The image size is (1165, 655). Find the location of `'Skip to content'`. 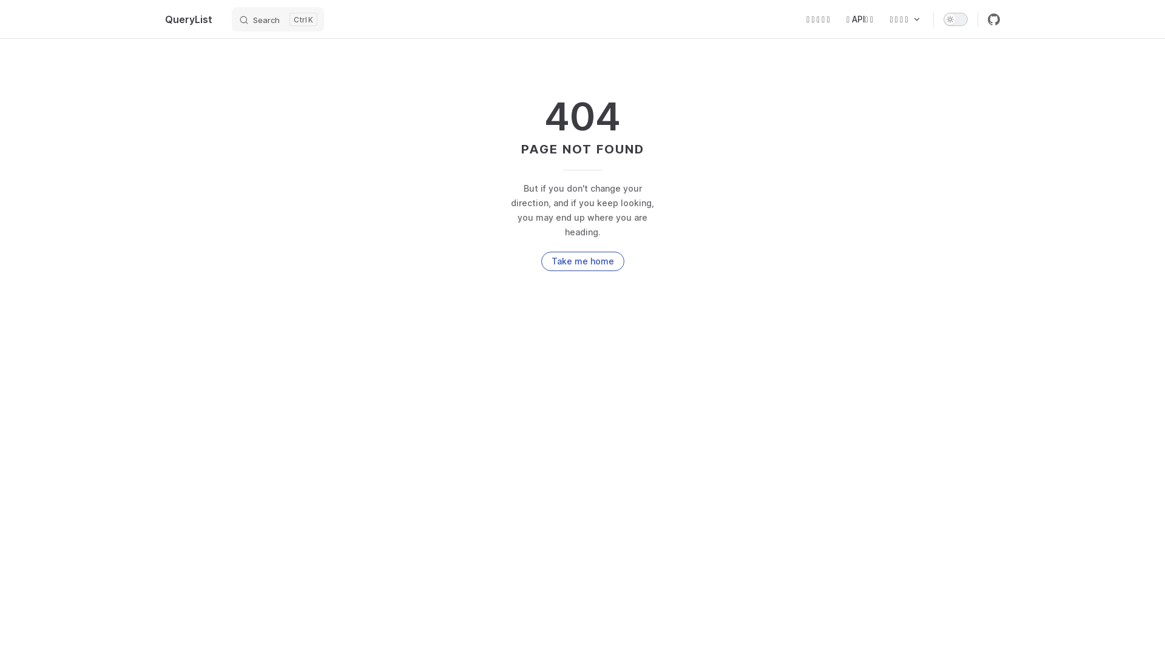

'Skip to content' is located at coordinates (19, 13).